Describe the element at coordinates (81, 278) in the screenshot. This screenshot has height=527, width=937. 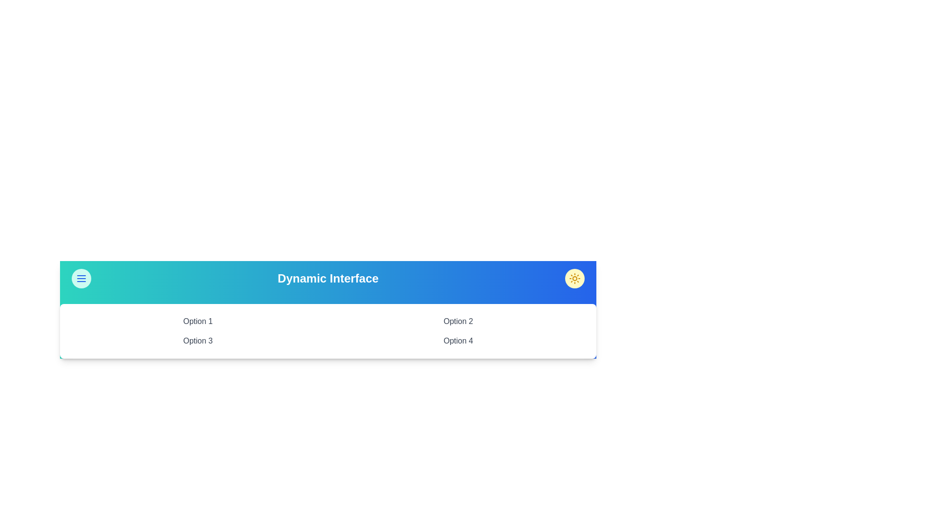
I see `menu button to toggle the menu visibility` at that location.